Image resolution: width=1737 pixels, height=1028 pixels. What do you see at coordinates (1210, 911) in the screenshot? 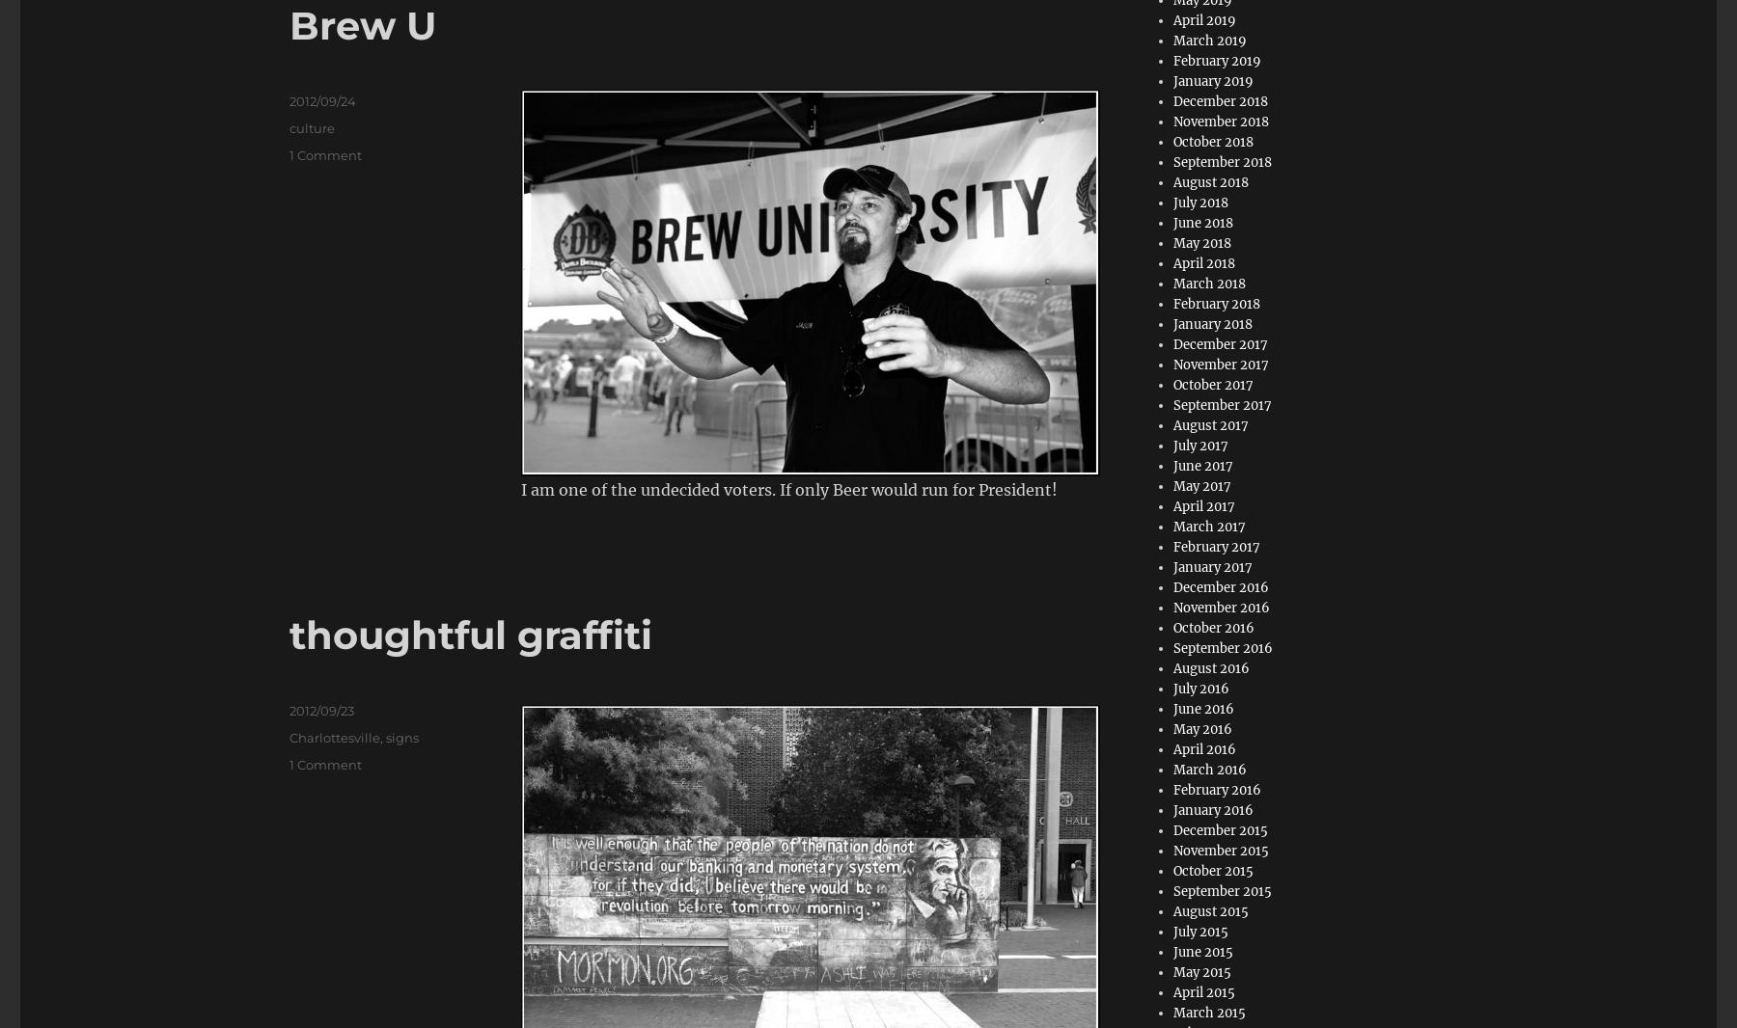
I see `'August 2015'` at bounding box center [1210, 911].